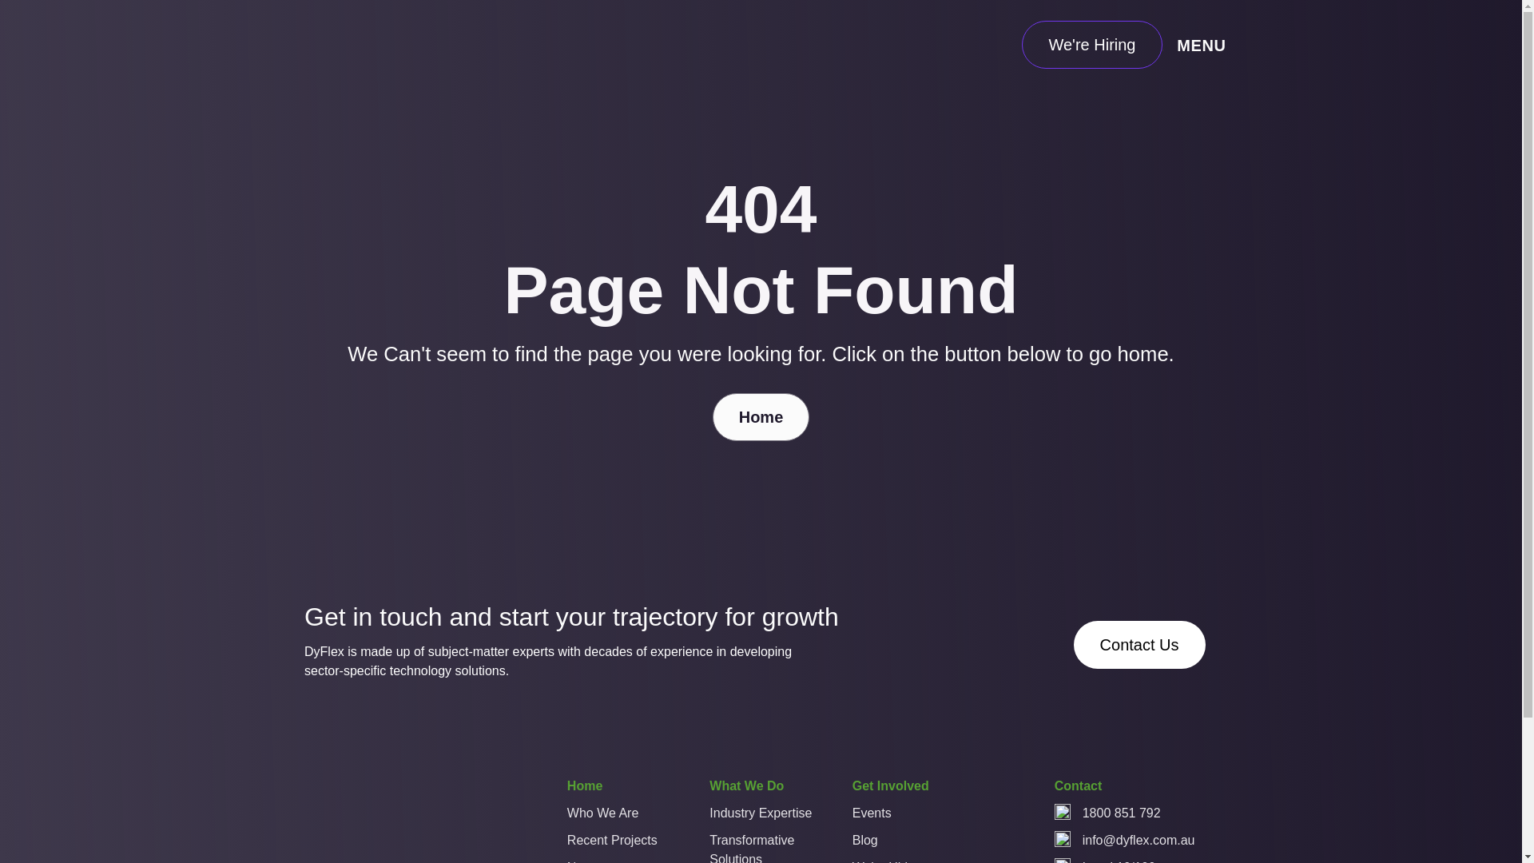 The height and width of the screenshot is (863, 1534). Describe the element at coordinates (1138, 840) in the screenshot. I see `'info@dyflex.com.au'` at that location.